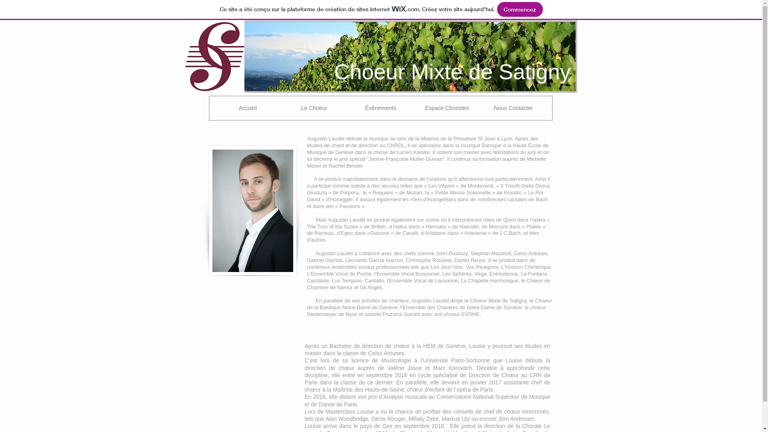 The height and width of the screenshot is (432, 768). I want to click on 'Logo Choeur Mixte Satigny.jpg', so click(214, 56).